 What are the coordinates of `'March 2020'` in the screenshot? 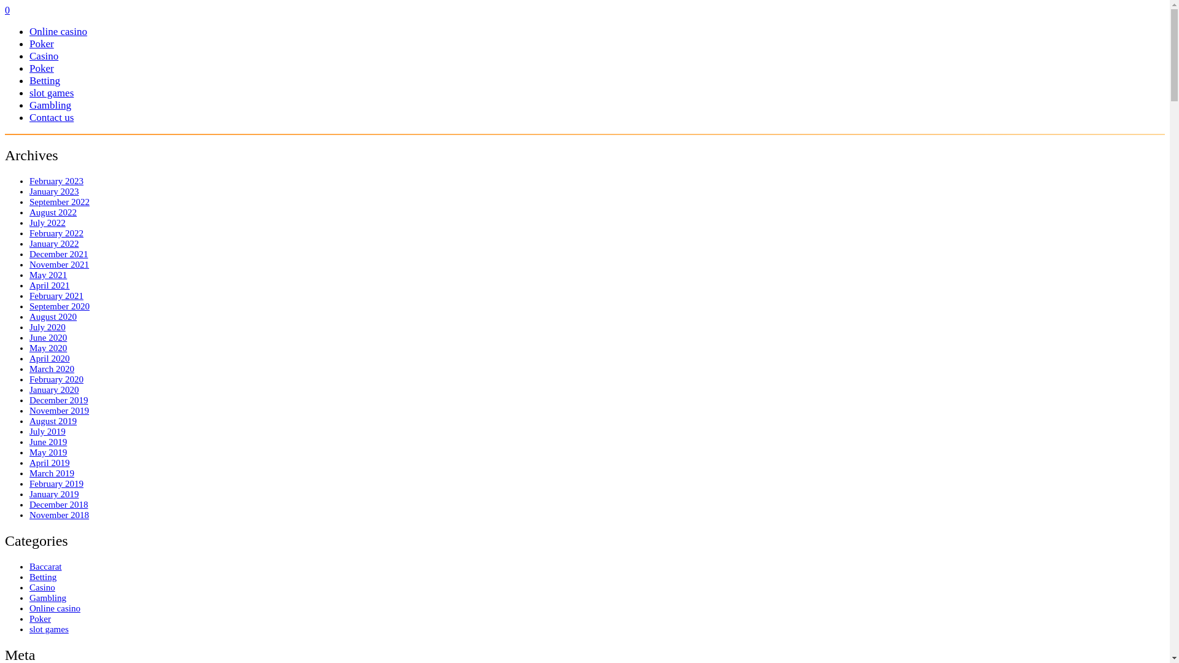 It's located at (51, 368).